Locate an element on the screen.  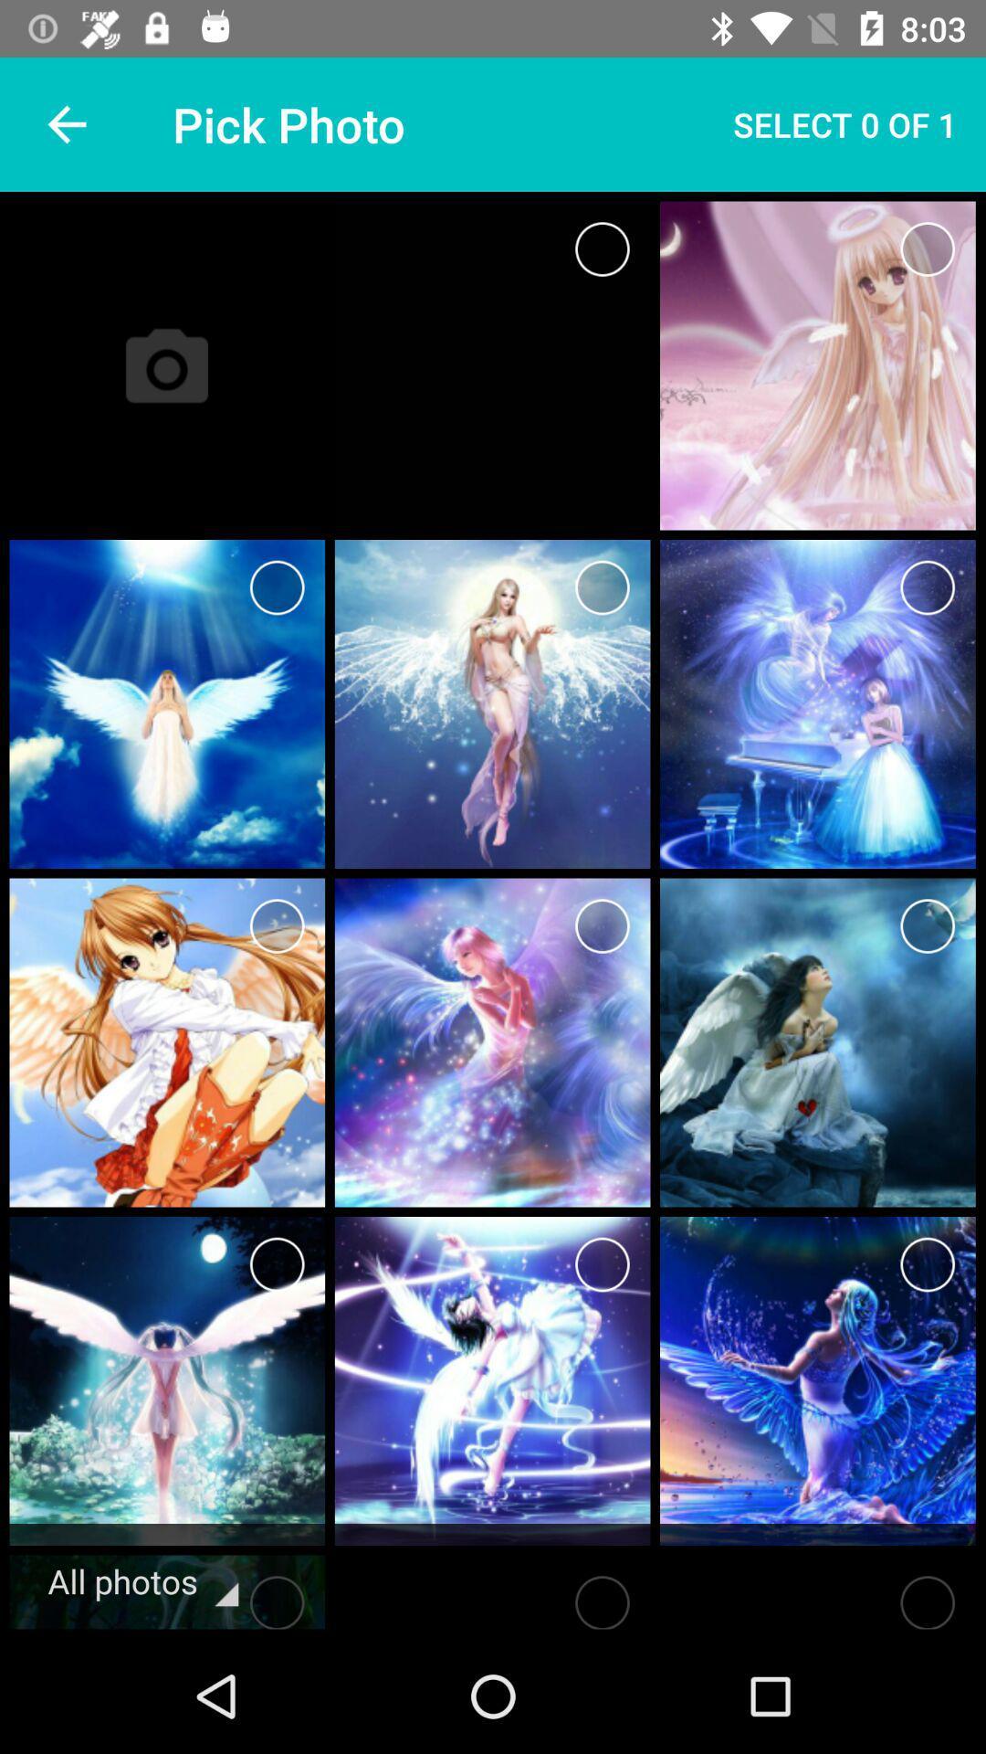
many options is located at coordinates (277, 587).